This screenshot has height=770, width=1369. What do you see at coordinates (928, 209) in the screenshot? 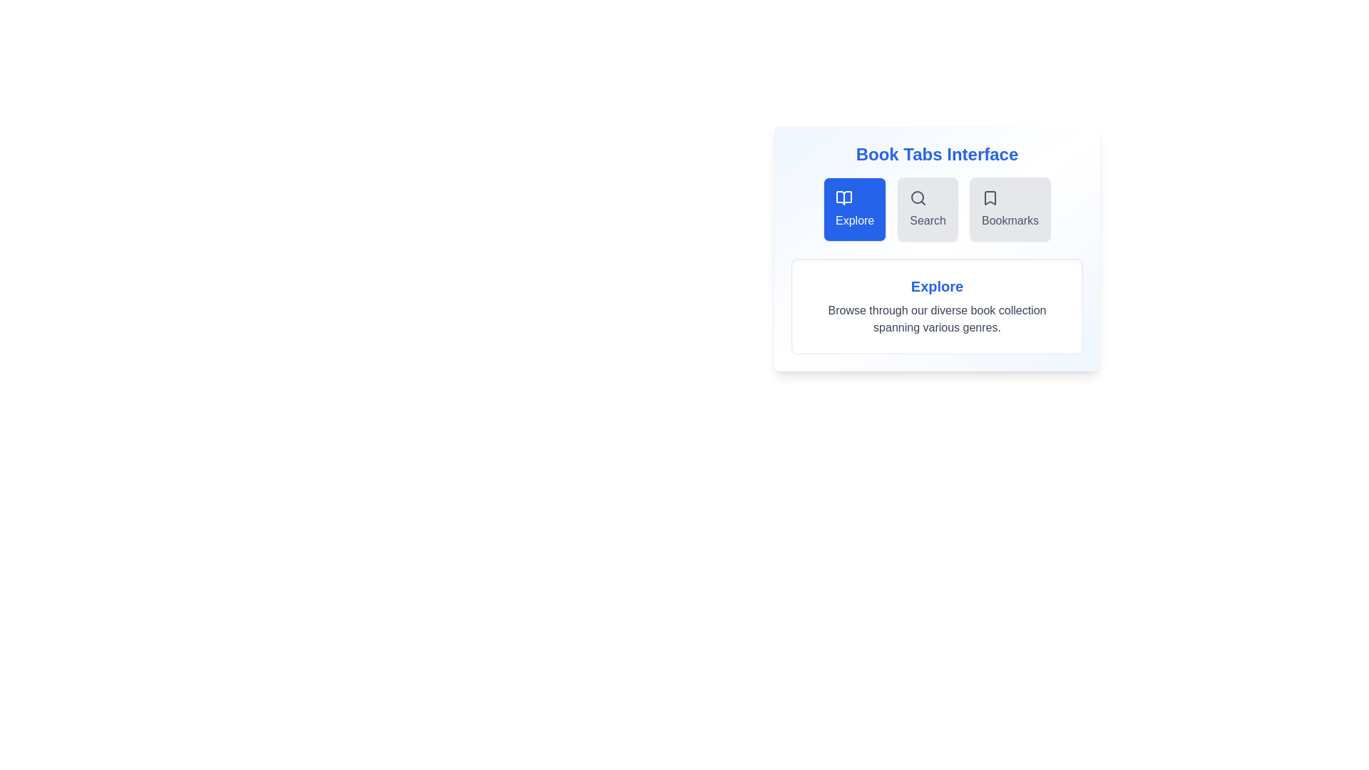
I see `the tab labeled Search` at bounding box center [928, 209].